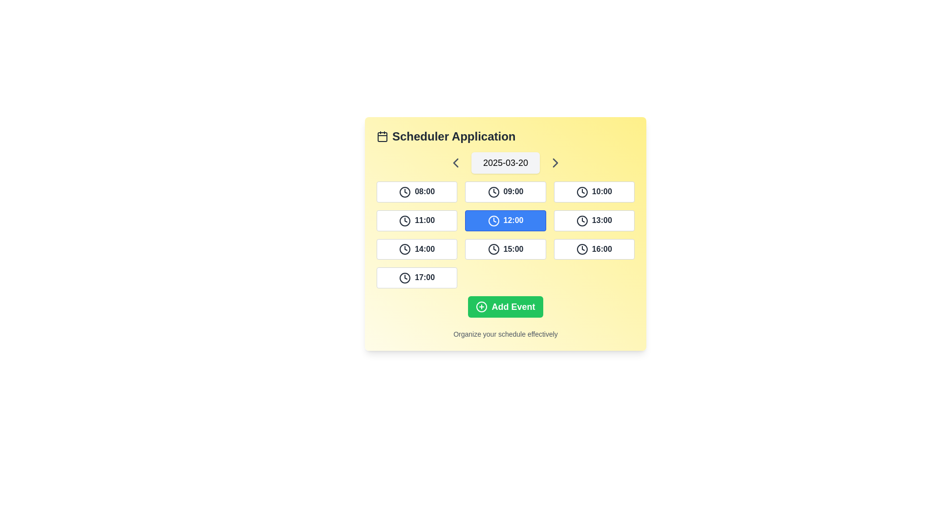 Image resolution: width=938 pixels, height=527 pixels. I want to click on the clock icon in the bottom left corner of the Scheduler interface, adjacent to the time slot 17:00, so click(405, 278).